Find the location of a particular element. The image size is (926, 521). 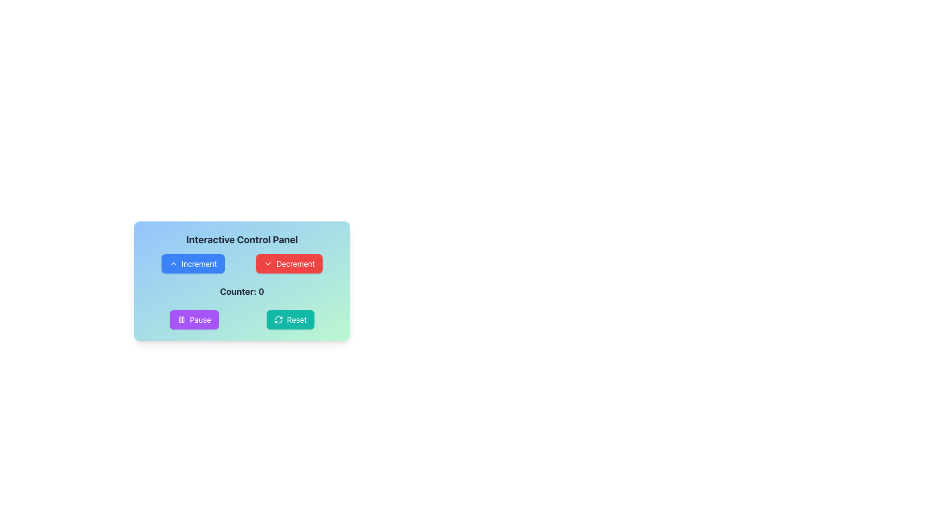

the Button Group located at the bottom of the 'Interactive Control Panel', which includes the 'Pause' button on the left and the 'Reset' button on the right is located at coordinates (242, 320).